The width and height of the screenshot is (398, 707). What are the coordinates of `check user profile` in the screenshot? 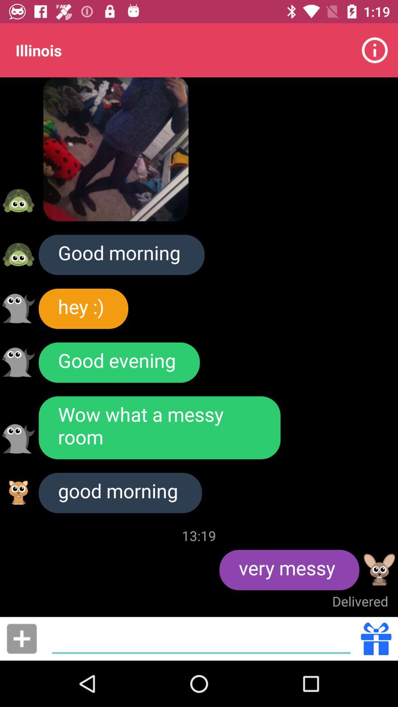 It's located at (18, 254).